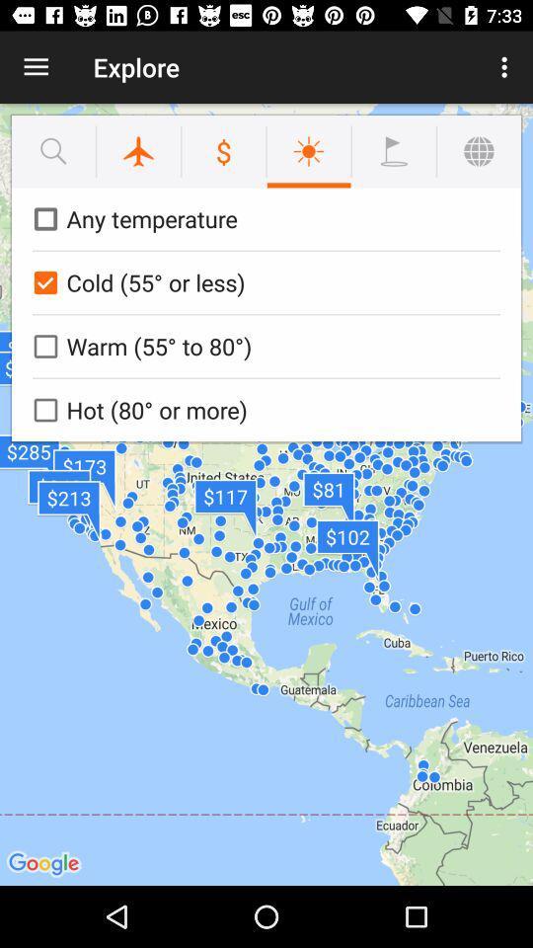  What do you see at coordinates (263, 409) in the screenshot?
I see `hot 80 or icon` at bounding box center [263, 409].